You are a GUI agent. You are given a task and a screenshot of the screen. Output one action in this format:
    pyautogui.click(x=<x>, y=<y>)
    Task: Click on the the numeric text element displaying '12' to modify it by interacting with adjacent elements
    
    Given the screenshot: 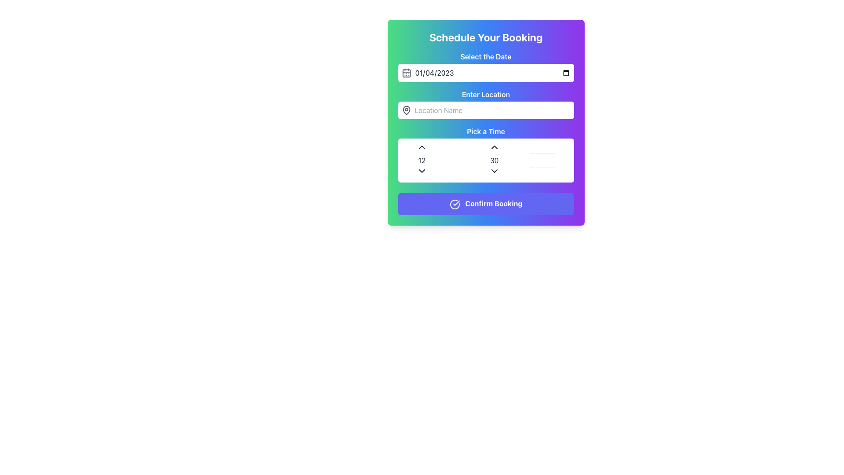 What is the action you would take?
    pyautogui.click(x=421, y=161)
    